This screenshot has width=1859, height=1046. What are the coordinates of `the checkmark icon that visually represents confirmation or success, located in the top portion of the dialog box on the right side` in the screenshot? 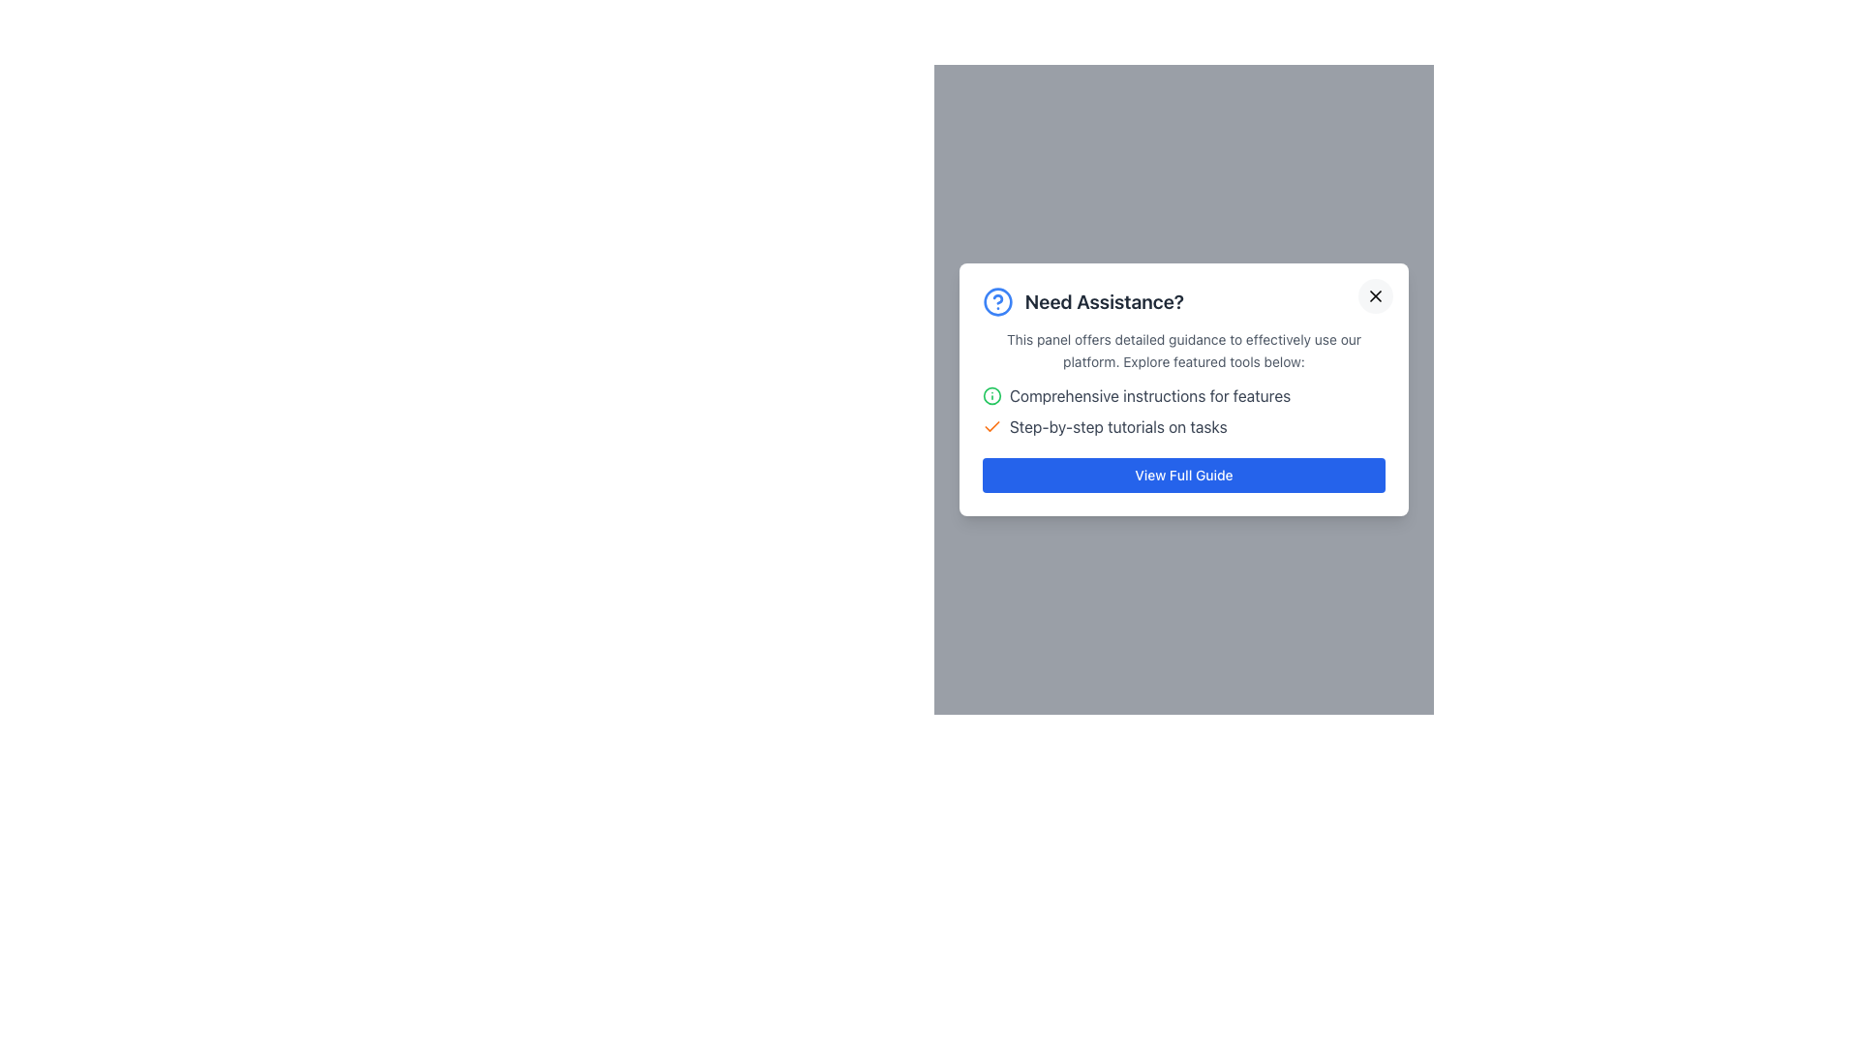 It's located at (991, 425).